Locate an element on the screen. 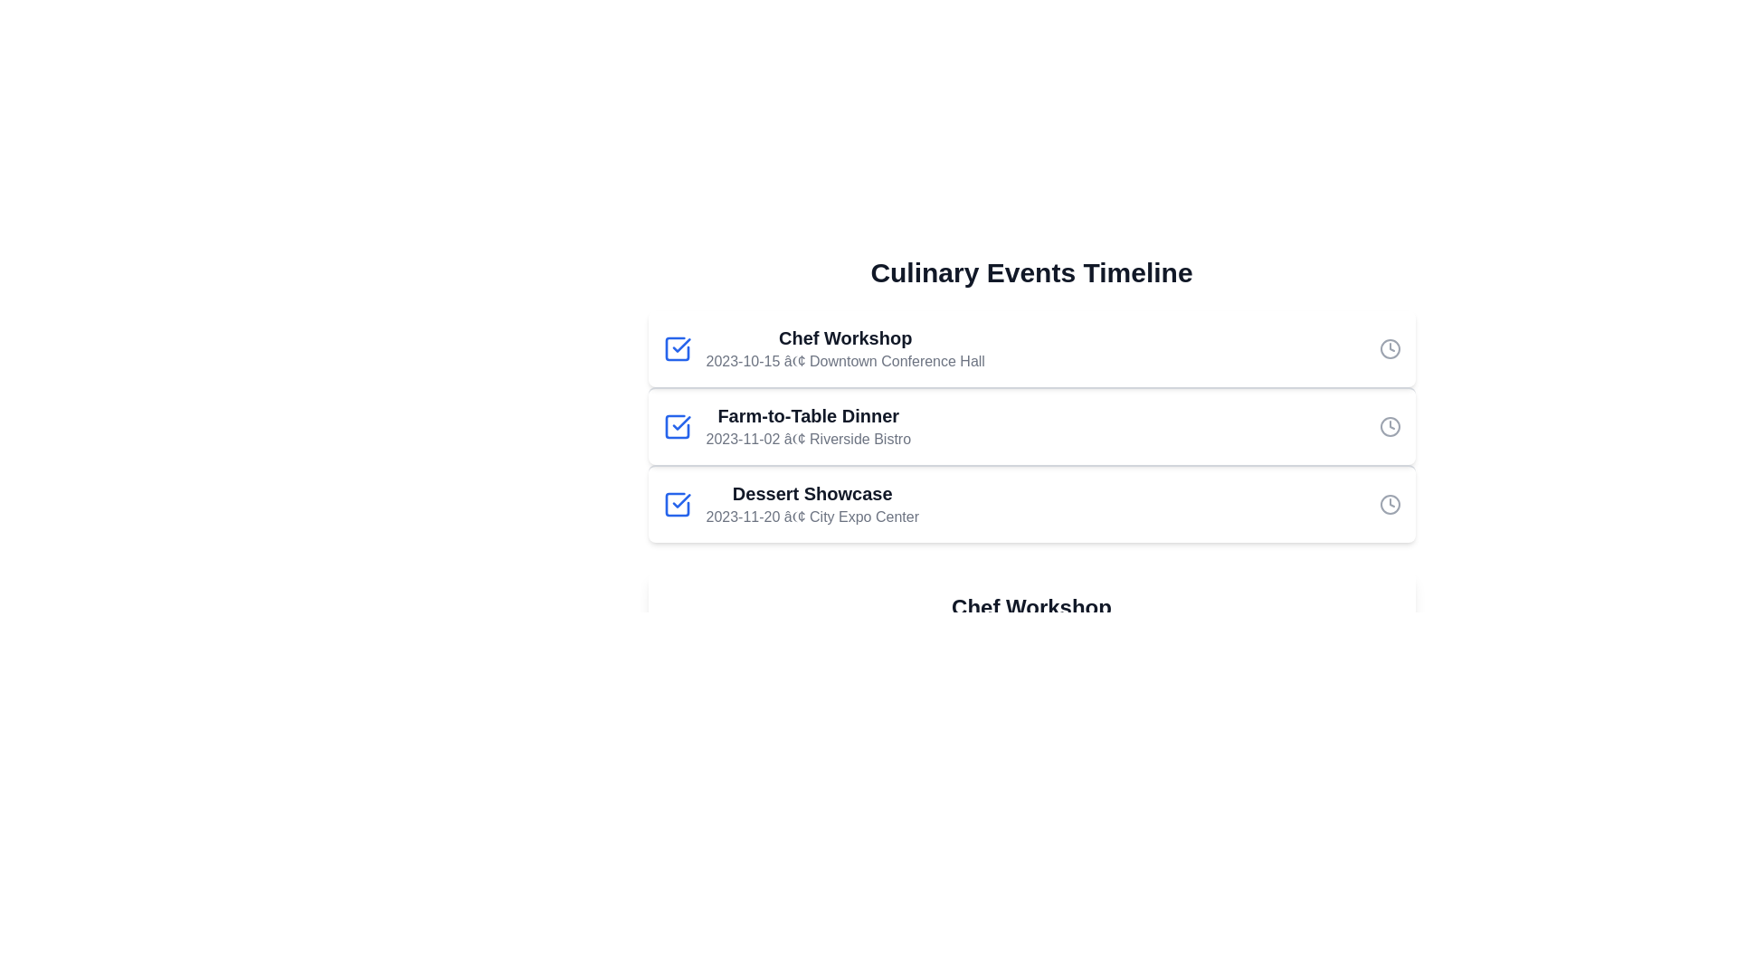 The height and width of the screenshot is (977, 1737). the icon that indicates an item is 'checked' or 'selected' in the second item of a vertical list is located at coordinates (680, 345).